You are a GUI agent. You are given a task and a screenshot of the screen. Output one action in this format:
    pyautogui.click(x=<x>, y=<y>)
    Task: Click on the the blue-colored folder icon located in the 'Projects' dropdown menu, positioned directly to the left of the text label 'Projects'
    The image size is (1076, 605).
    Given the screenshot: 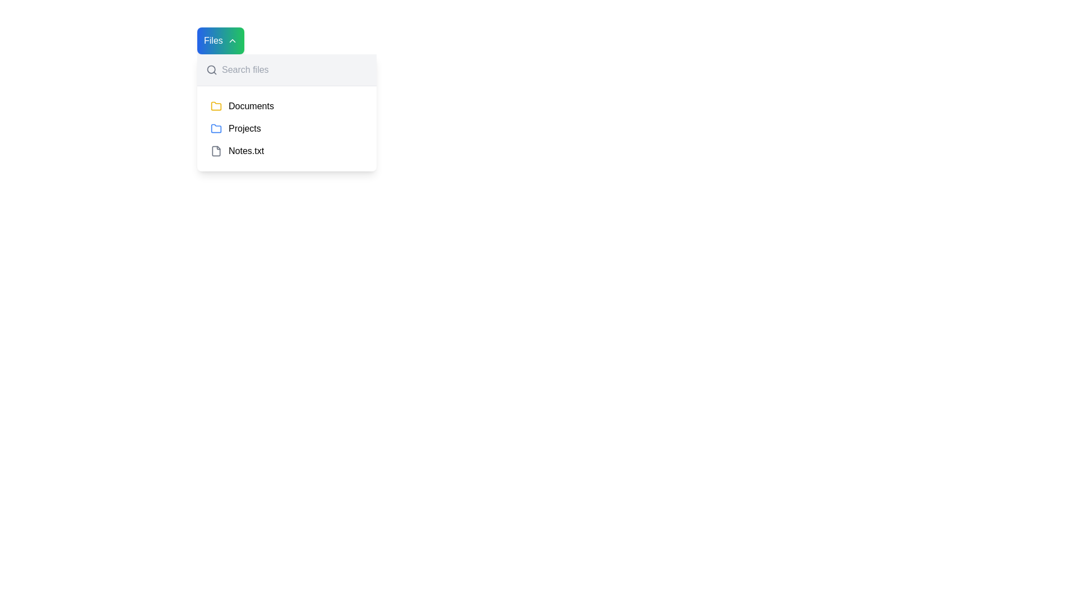 What is the action you would take?
    pyautogui.click(x=216, y=128)
    